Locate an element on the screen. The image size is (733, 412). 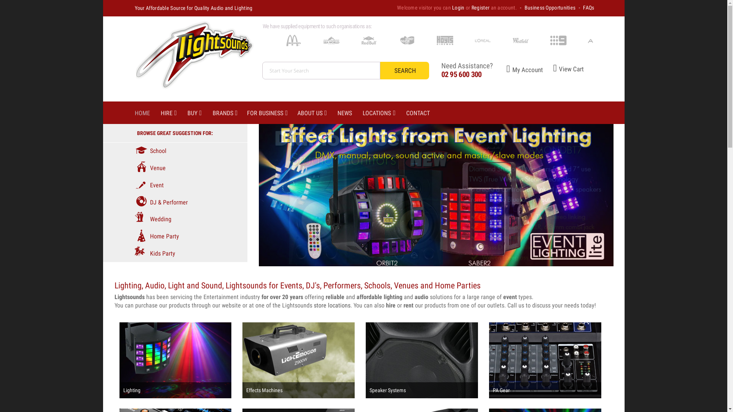
'HOME' is located at coordinates (147, 113).